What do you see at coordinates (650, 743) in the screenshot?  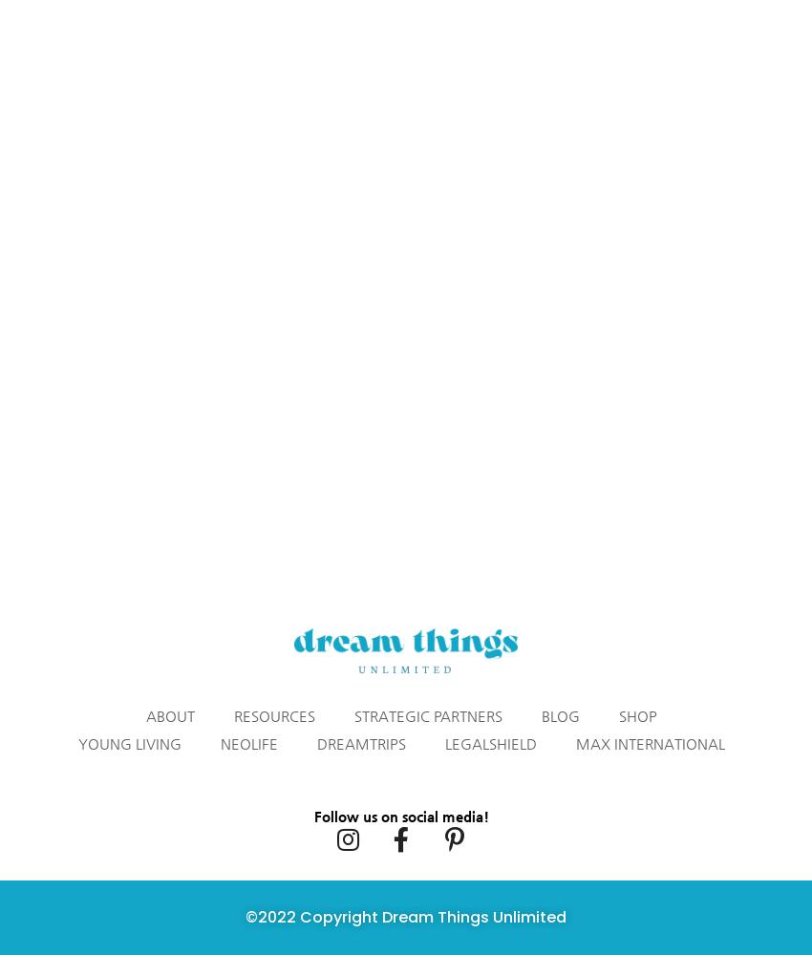 I see `'Max International'` at bounding box center [650, 743].